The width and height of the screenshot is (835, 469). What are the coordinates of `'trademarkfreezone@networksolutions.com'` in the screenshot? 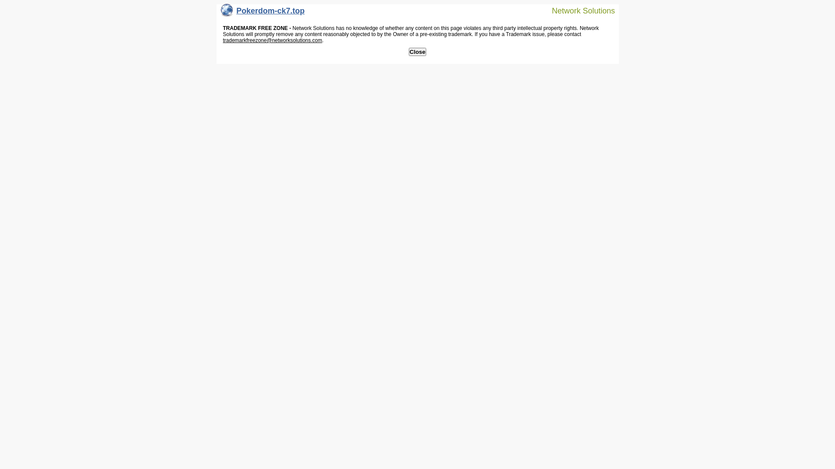 It's located at (223, 40).